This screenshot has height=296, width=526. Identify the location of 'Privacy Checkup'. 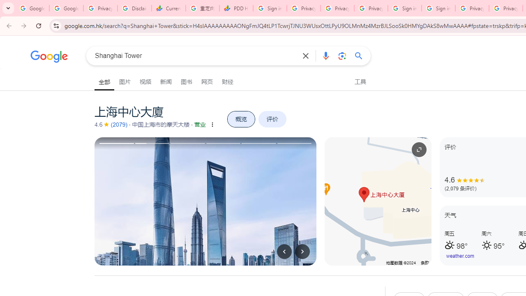
(337, 8).